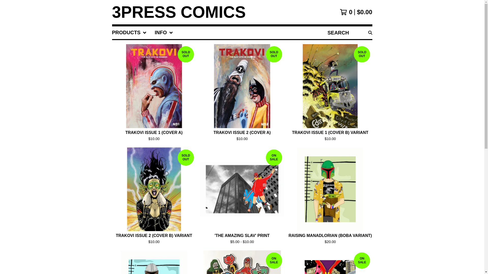  I want to click on 'SOLD OUT, so click(242, 94).